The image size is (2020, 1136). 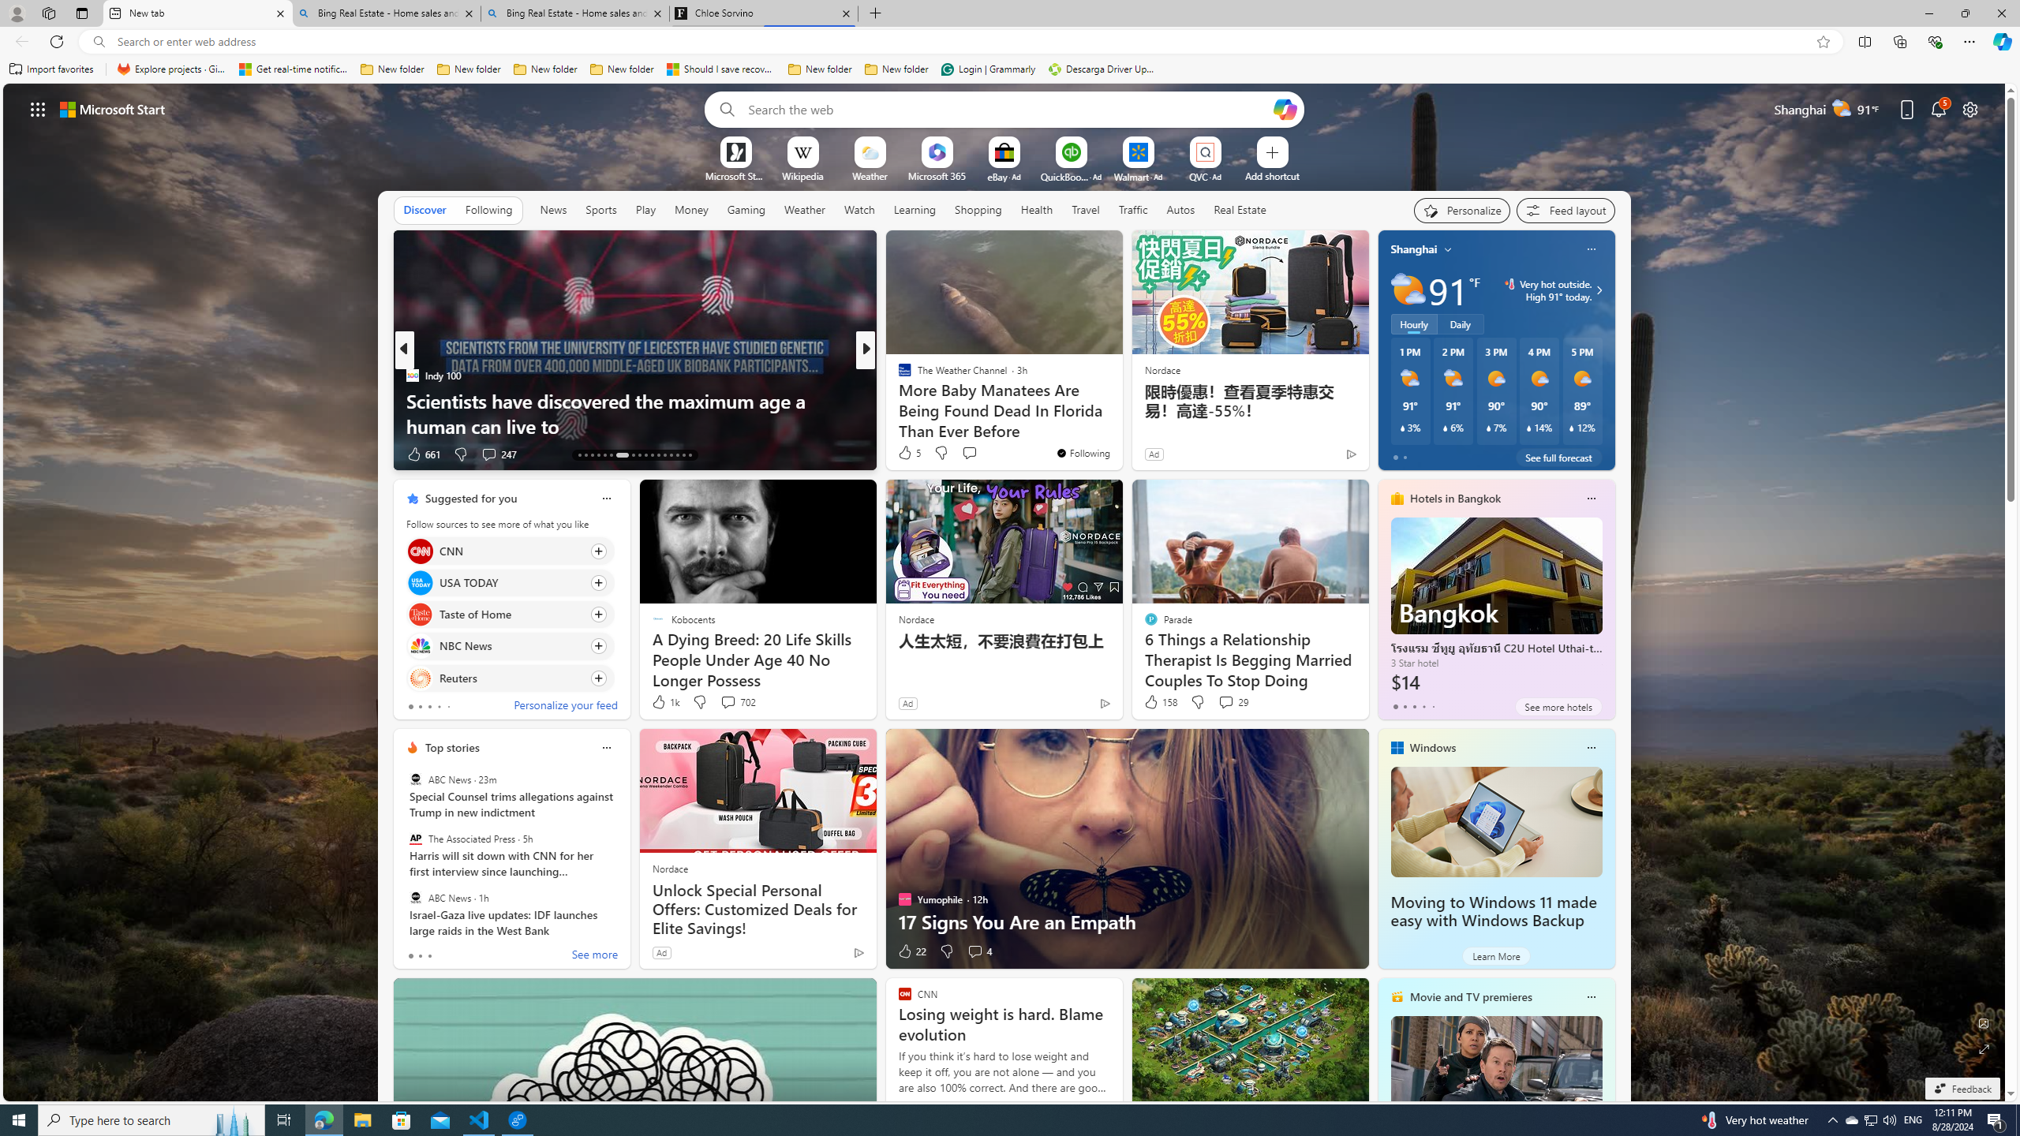 What do you see at coordinates (1225, 701) in the screenshot?
I see `'View comments 29 Comment'` at bounding box center [1225, 701].